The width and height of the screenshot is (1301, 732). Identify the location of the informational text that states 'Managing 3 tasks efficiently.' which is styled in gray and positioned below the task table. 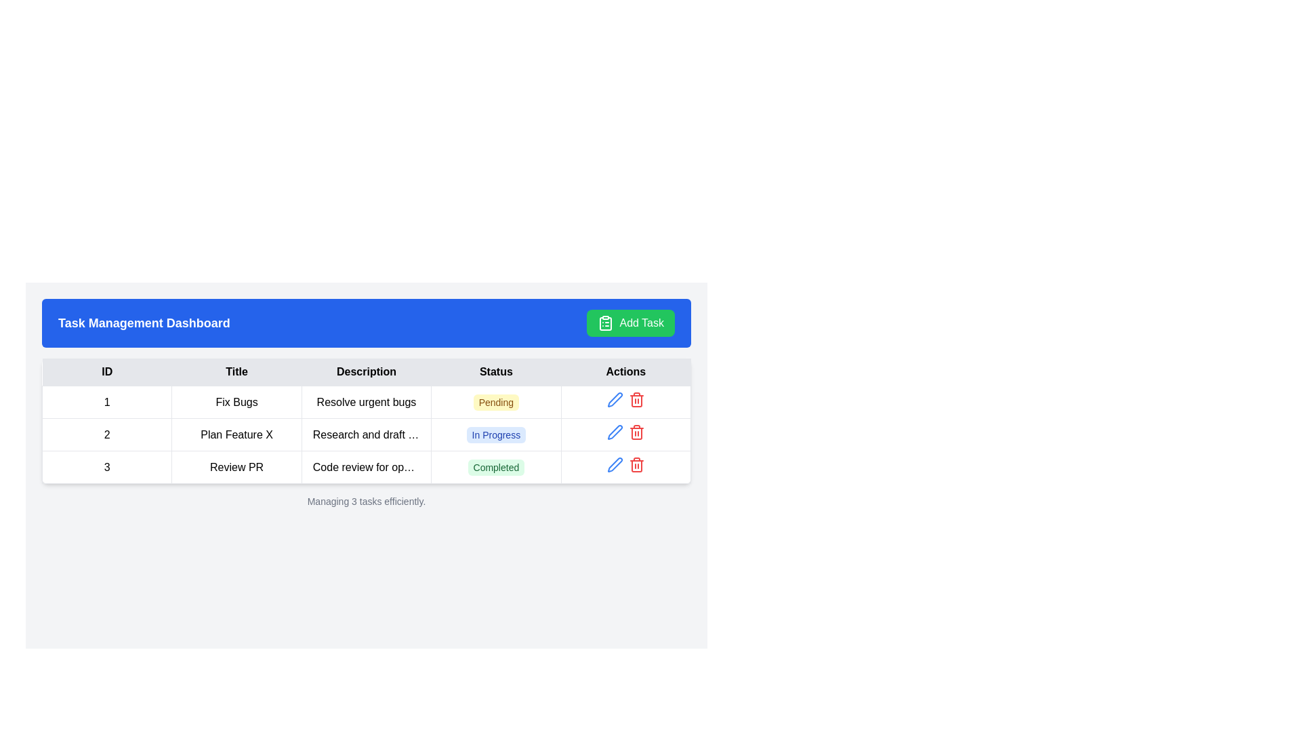
(367, 502).